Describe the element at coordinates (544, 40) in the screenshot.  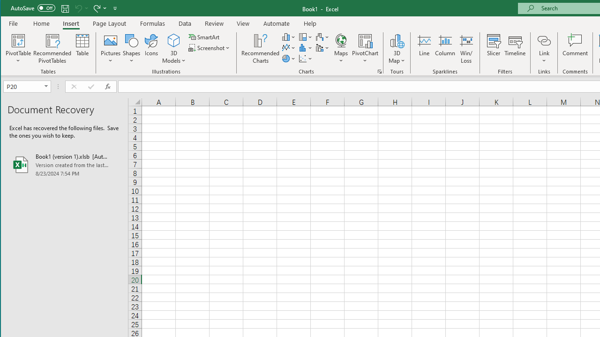
I see `'Link'` at that location.